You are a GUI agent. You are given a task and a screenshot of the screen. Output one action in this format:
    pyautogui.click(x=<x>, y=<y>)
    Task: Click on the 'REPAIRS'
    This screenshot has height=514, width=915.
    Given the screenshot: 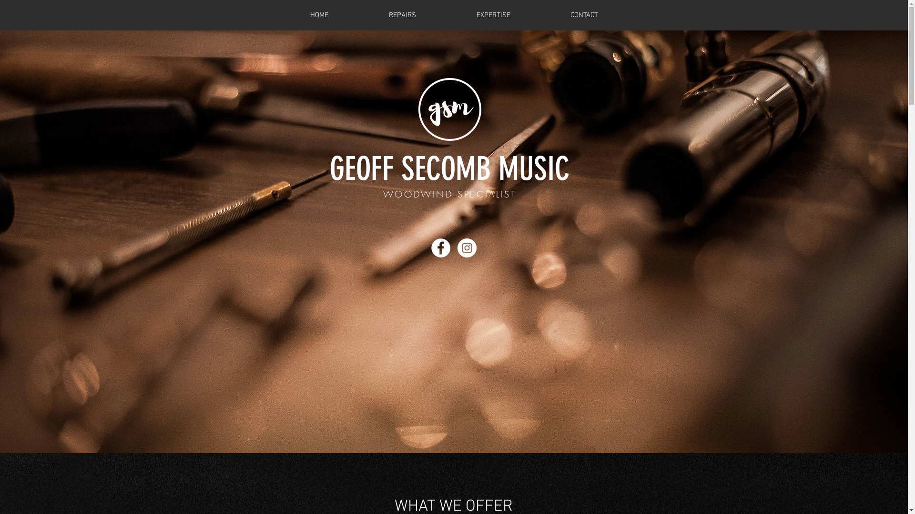 What is the action you would take?
    pyautogui.click(x=402, y=15)
    